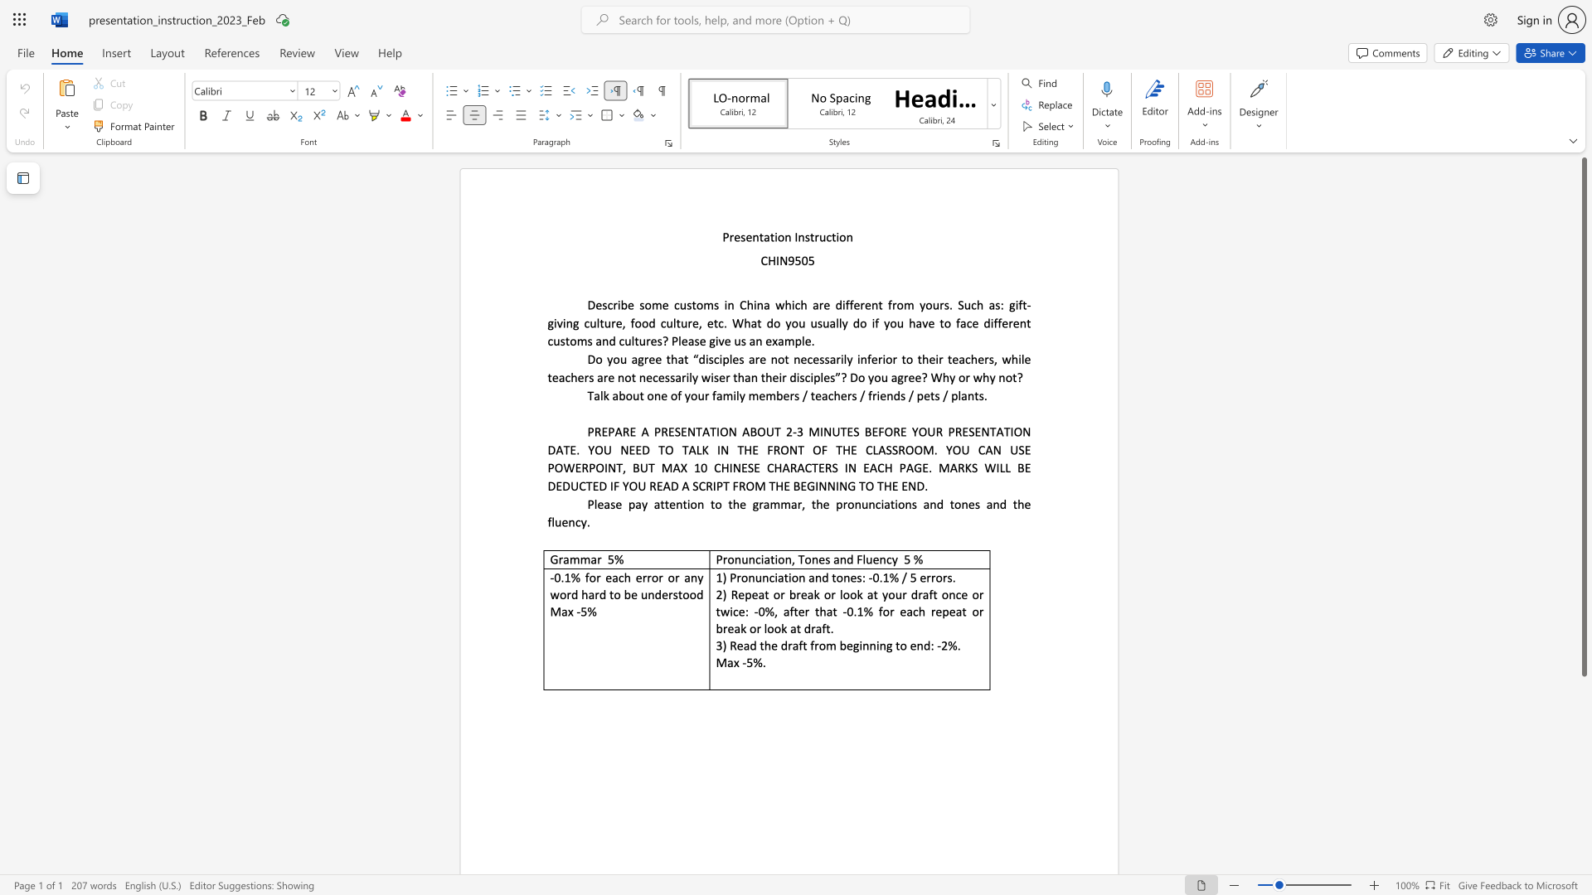  I want to click on the scrollbar on the right to shift the page lower, so click(1583, 802).